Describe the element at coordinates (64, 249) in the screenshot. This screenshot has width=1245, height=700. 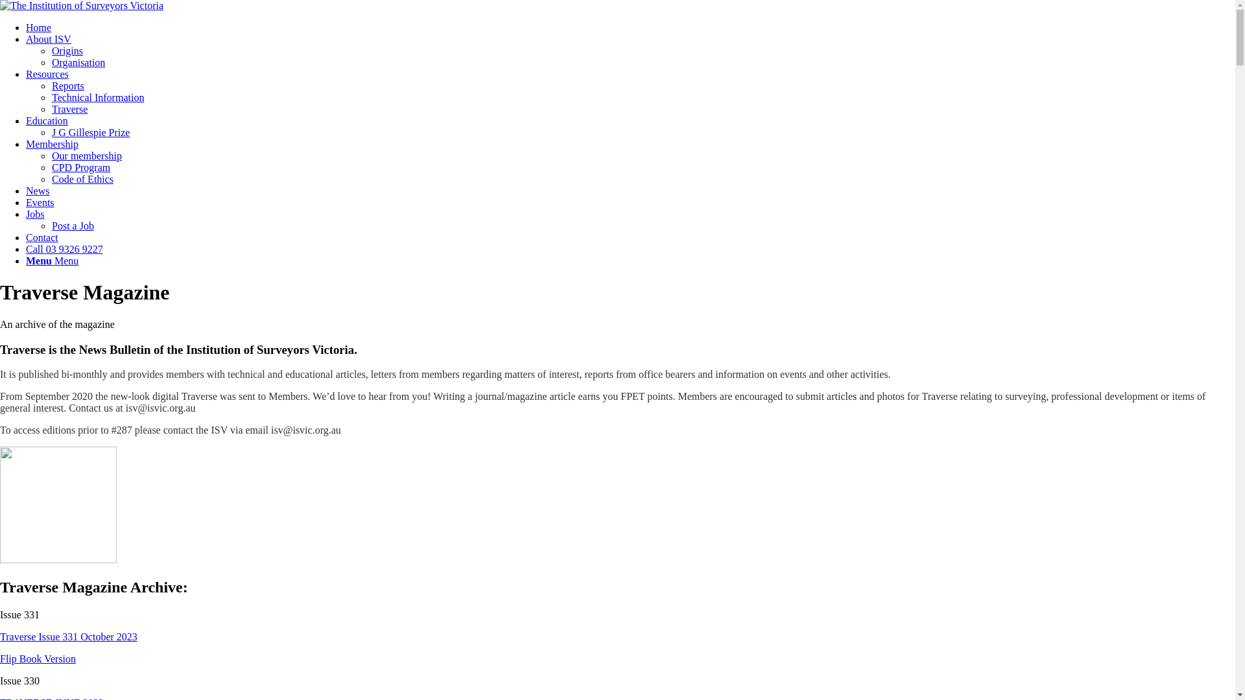
I see `'Call 03 9326 9227'` at that location.